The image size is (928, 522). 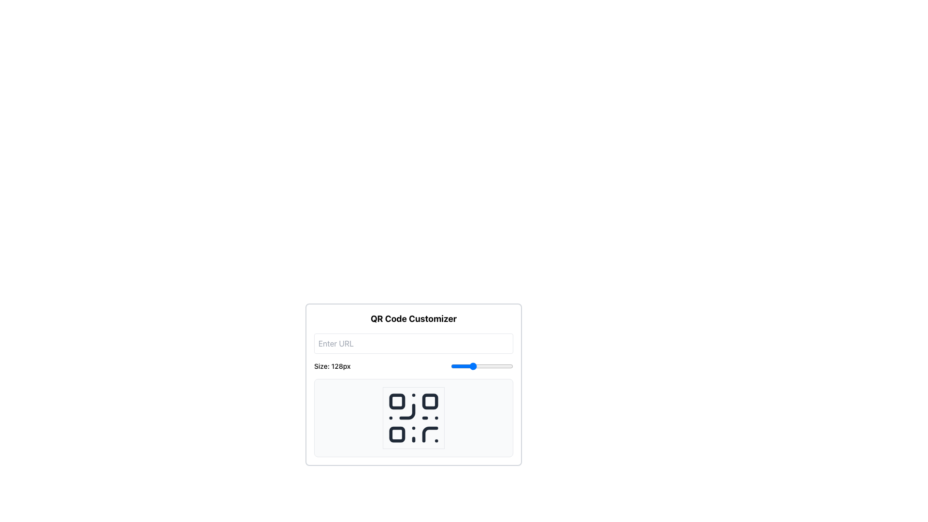 What do you see at coordinates (457, 366) in the screenshot?
I see `the size` at bounding box center [457, 366].